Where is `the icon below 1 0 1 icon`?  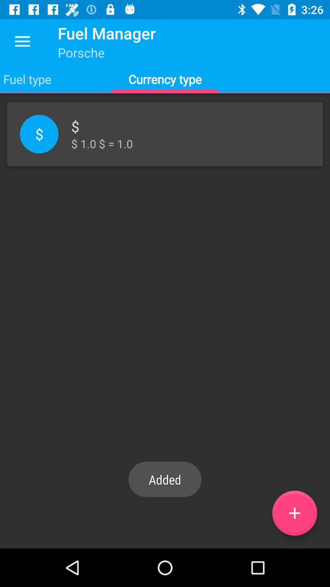
the icon below 1 0 1 icon is located at coordinates (294, 513).